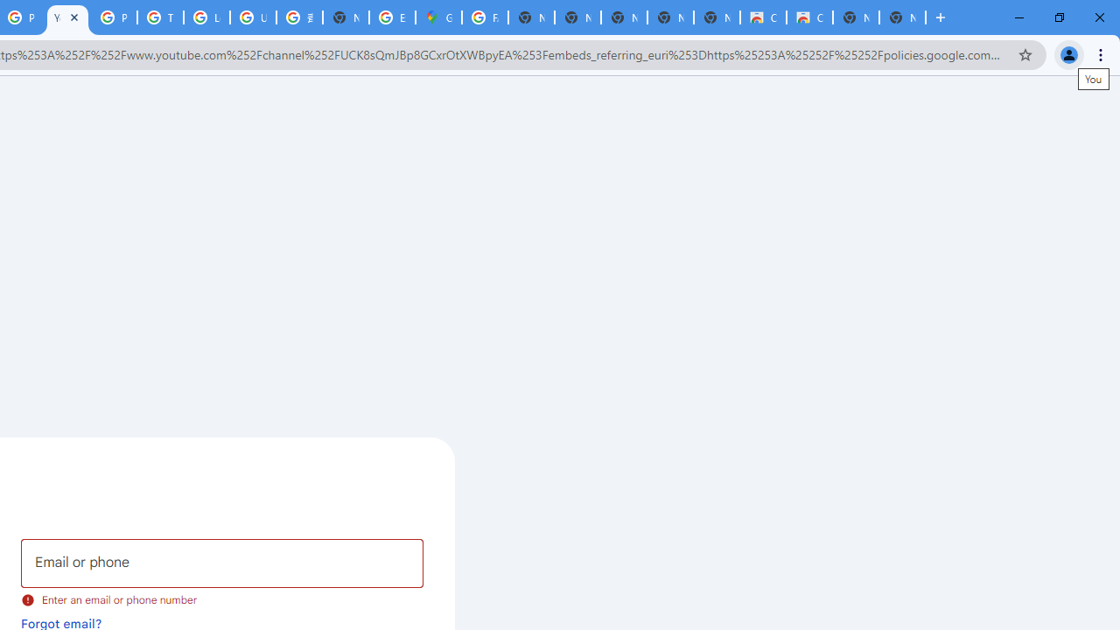 This screenshot has width=1120, height=630. I want to click on 'Email or phone', so click(221, 563).